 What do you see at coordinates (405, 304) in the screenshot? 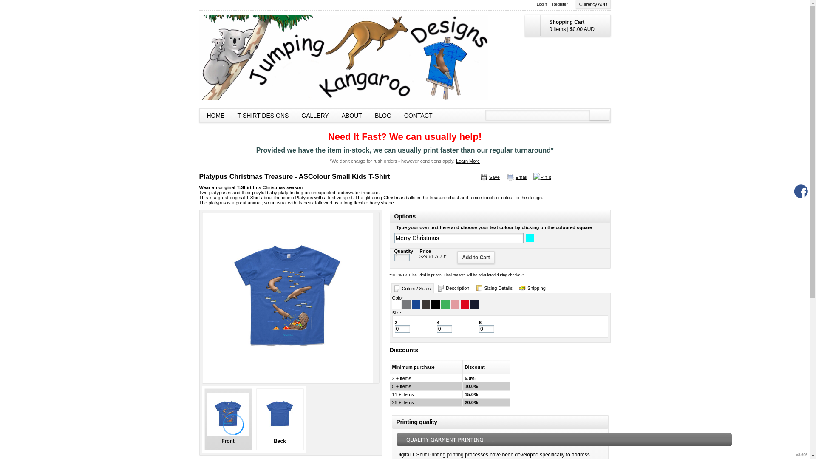
I see `'Grey Marle'` at bounding box center [405, 304].